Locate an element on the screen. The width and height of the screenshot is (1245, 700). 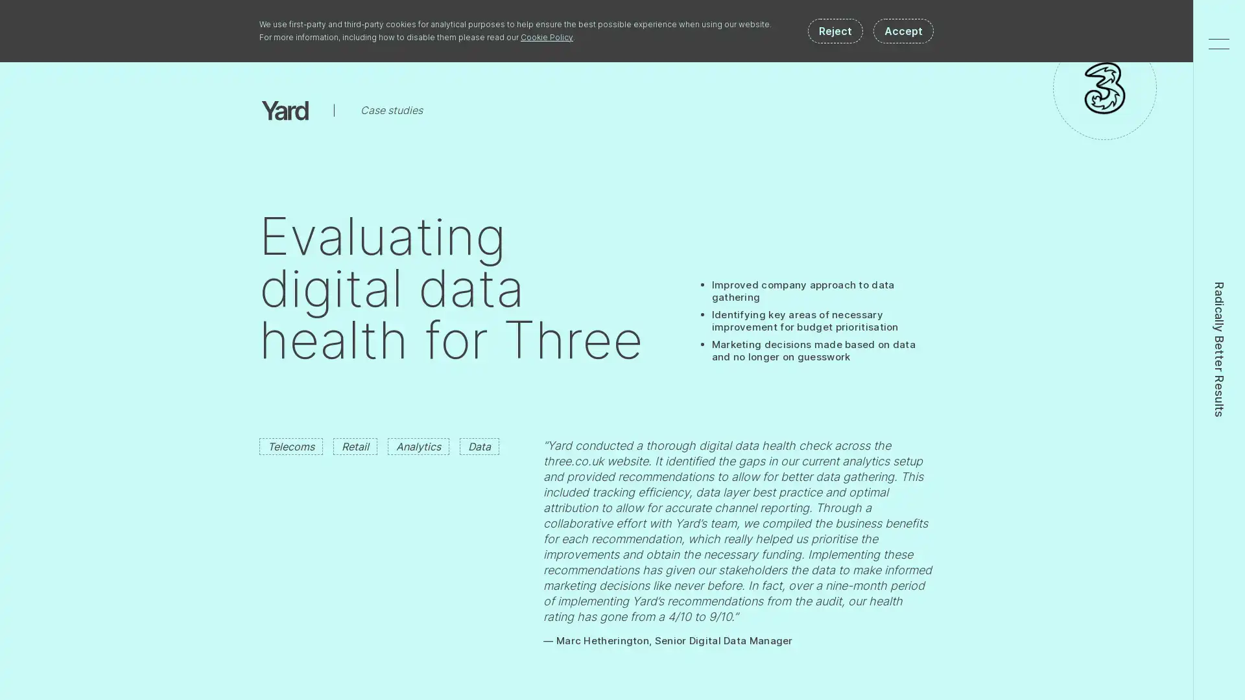
Accept is located at coordinates (903, 30).